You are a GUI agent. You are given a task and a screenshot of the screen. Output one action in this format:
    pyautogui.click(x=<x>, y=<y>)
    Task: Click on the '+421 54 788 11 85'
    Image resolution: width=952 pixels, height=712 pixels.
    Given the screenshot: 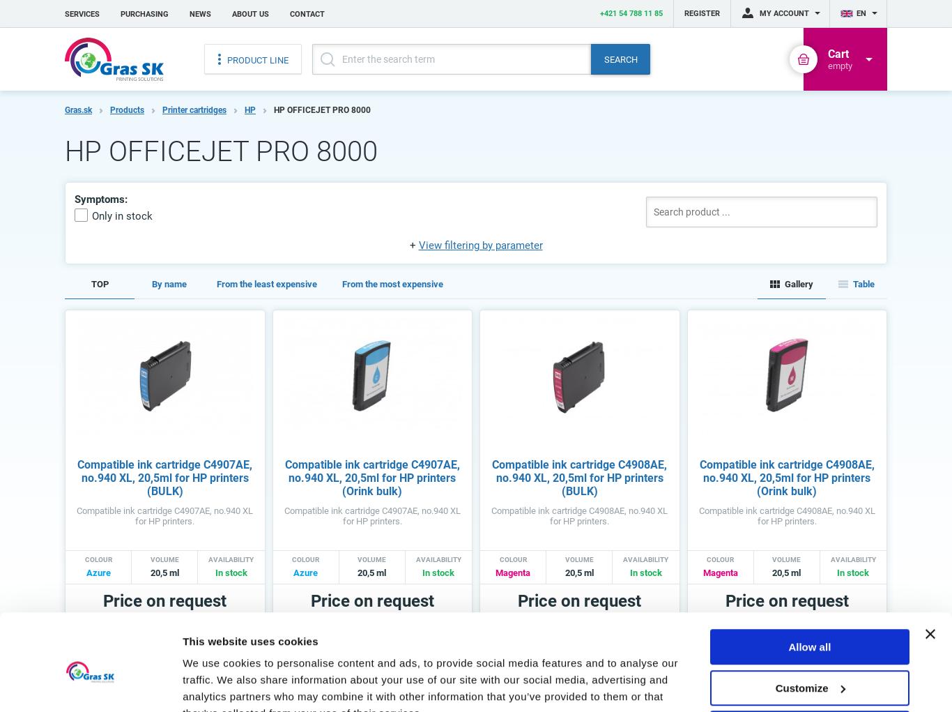 What is the action you would take?
    pyautogui.click(x=631, y=13)
    